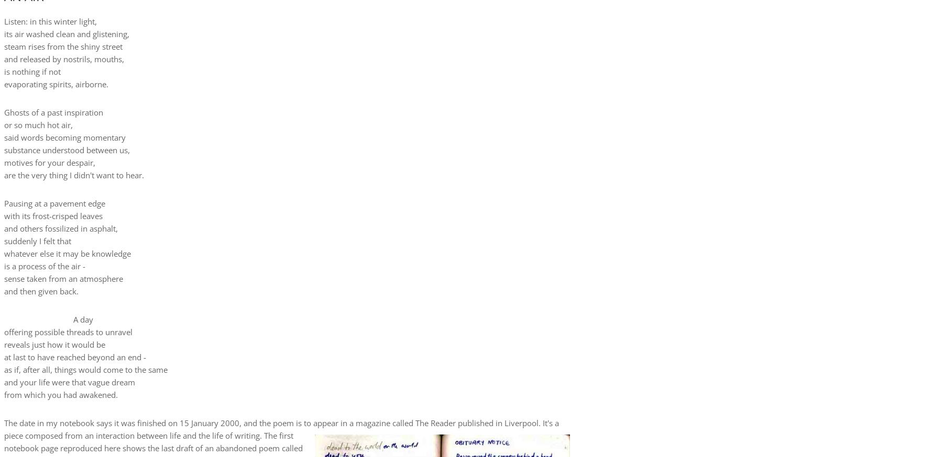 This screenshot has height=457, width=943. I want to click on 'Listen: in this winter light,', so click(50, 20).